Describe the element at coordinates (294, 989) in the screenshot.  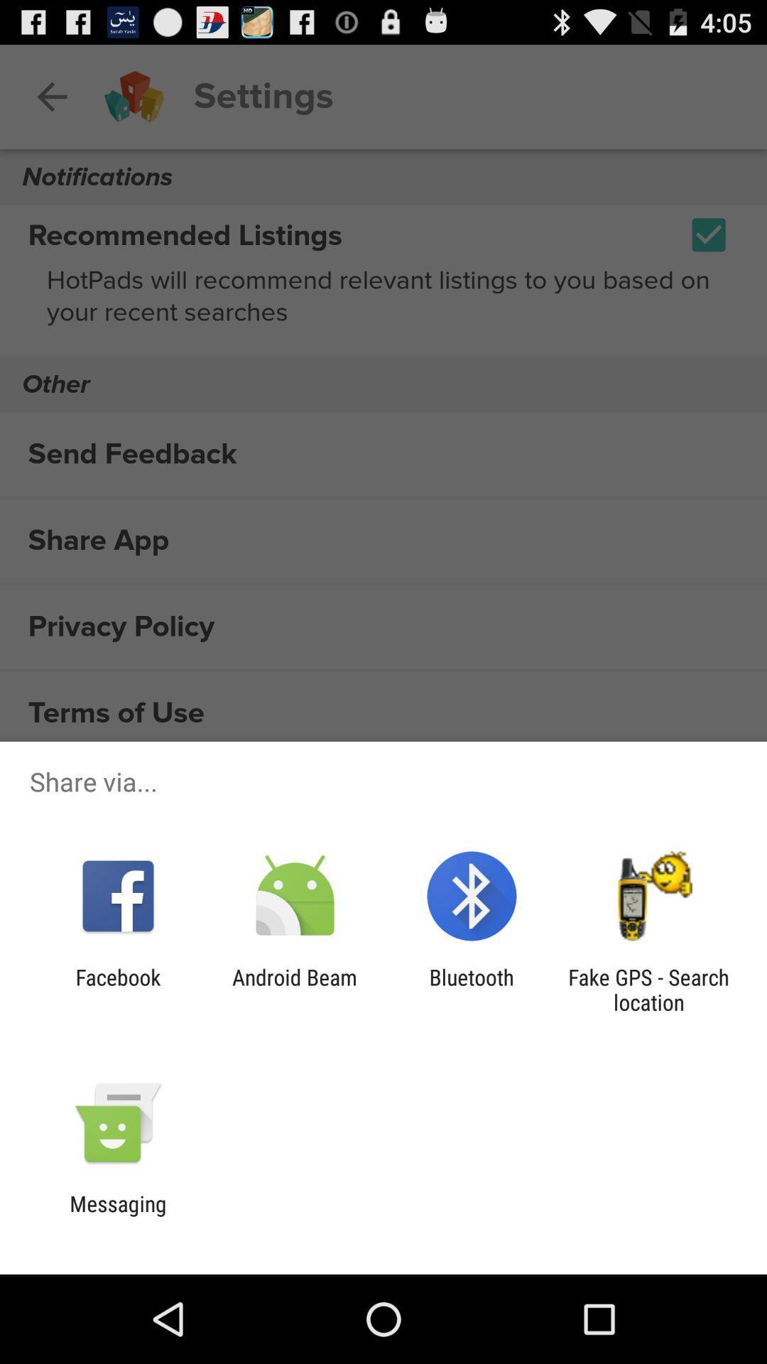
I see `item next to facebook app` at that location.